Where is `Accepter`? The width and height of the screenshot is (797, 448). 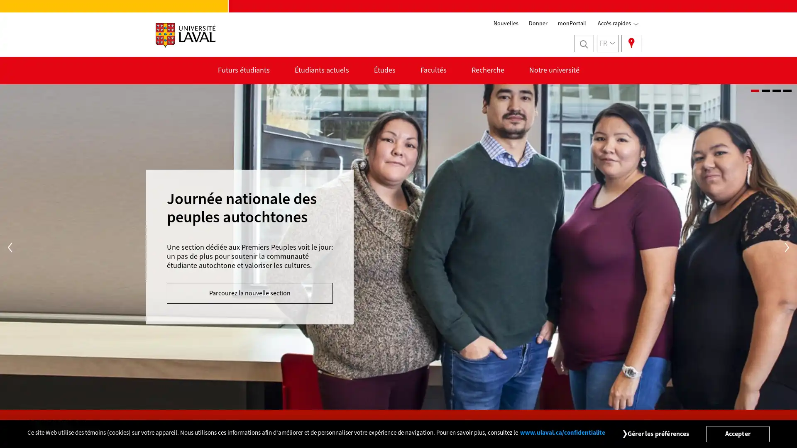 Accepter is located at coordinates (737, 433).